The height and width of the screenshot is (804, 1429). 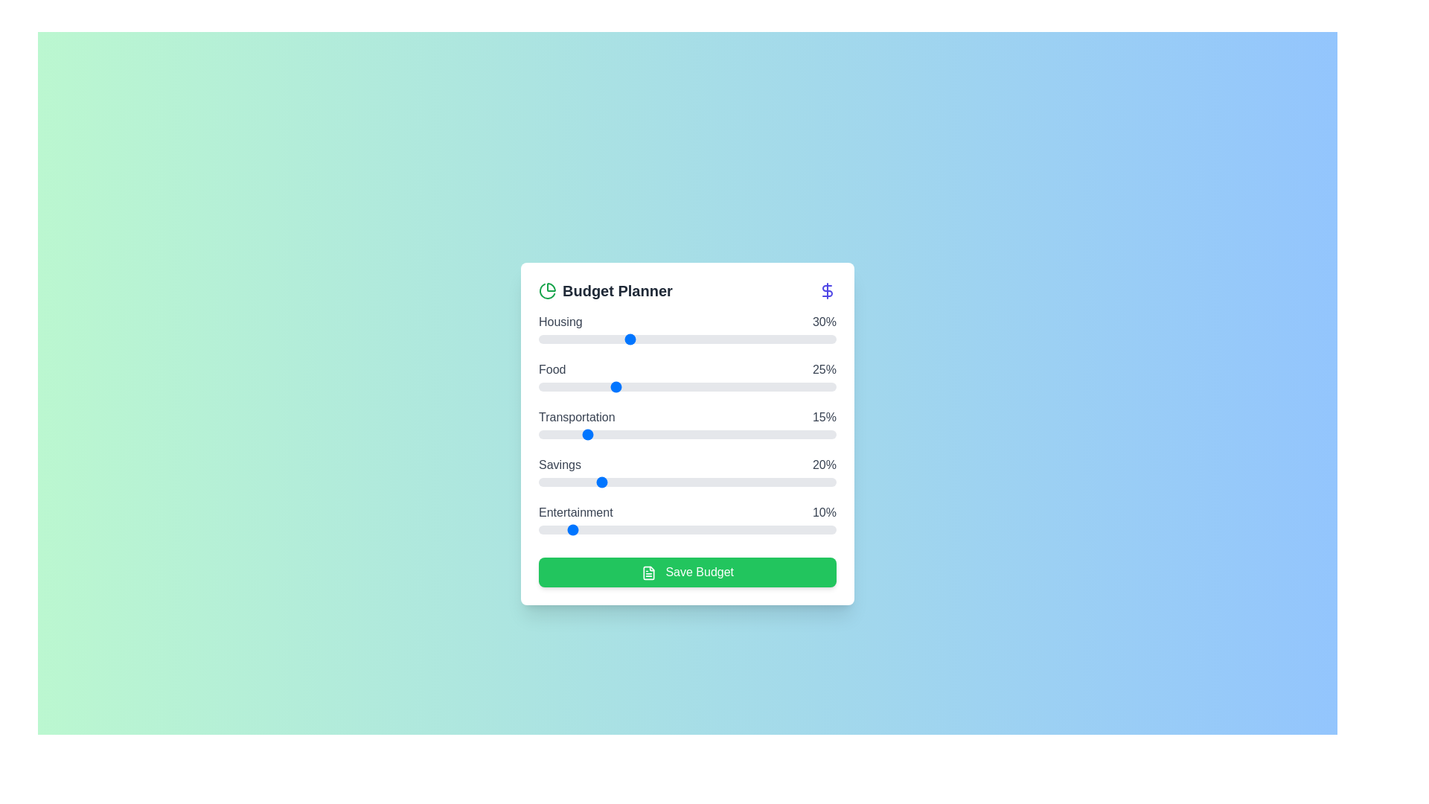 What do you see at coordinates (781, 386) in the screenshot?
I see `the slider for 'Food' to set its percentage to 82` at bounding box center [781, 386].